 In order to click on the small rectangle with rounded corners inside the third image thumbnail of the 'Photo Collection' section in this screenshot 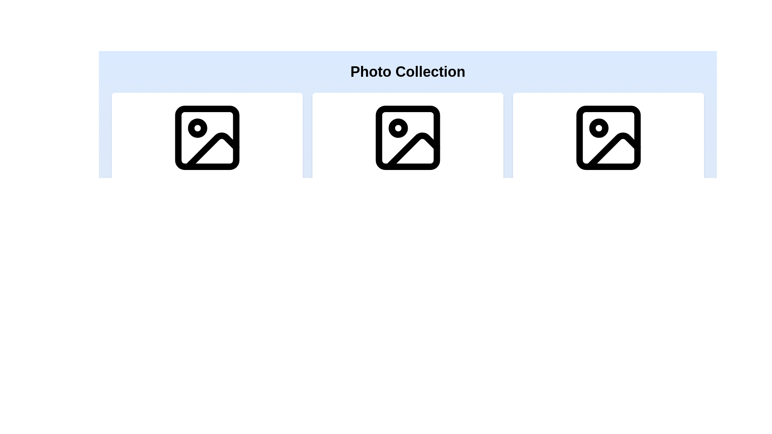, I will do `click(608, 137)`.